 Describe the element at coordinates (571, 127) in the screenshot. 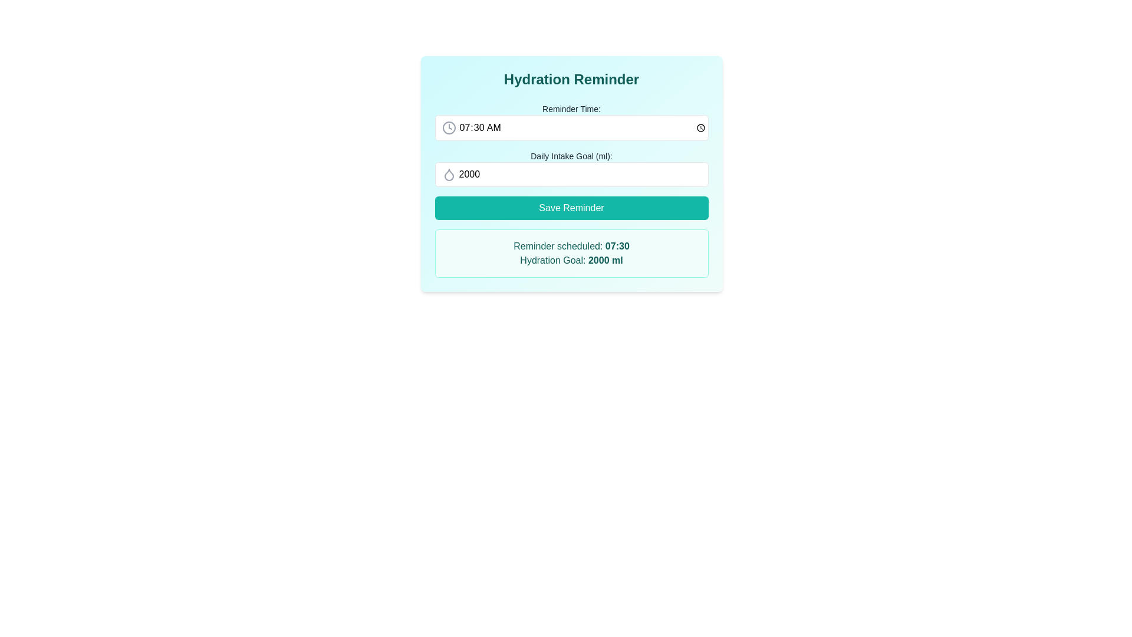

I see `the Time input field styled with rounded corners and a bordered outline that contains the time value '07:30 AM' to focus on it` at that location.